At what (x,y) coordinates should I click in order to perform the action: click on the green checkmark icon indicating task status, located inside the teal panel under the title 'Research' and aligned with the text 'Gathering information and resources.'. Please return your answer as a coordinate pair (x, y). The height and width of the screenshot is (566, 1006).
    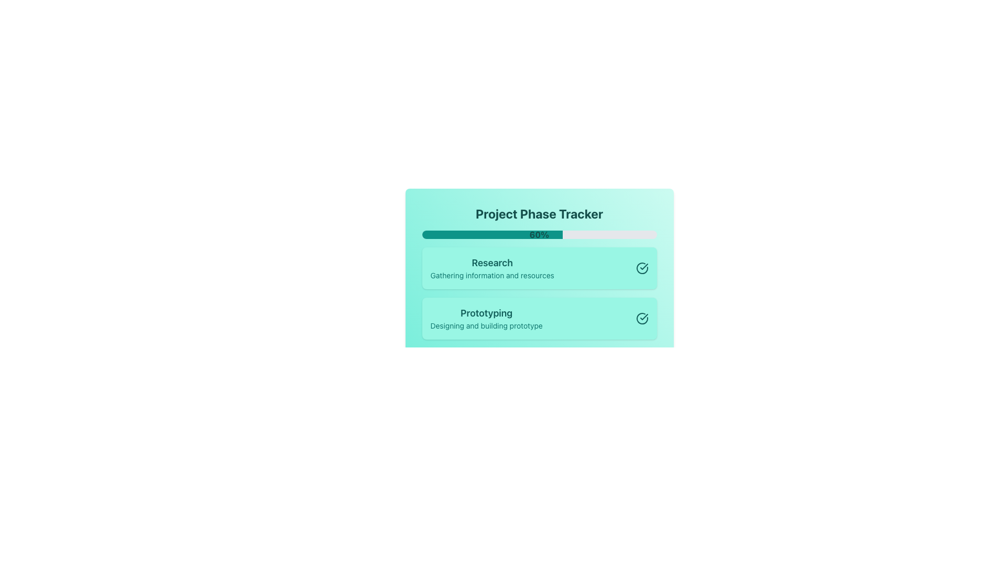
    Looking at the image, I should click on (643, 266).